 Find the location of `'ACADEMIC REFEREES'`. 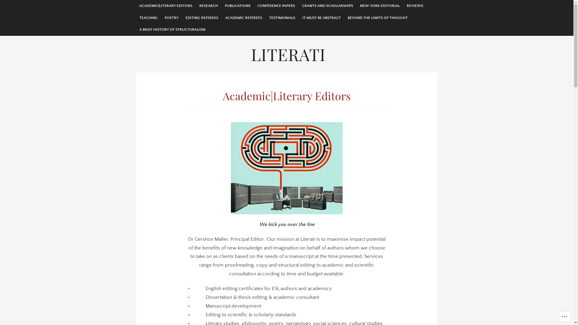

'ACADEMIC REFEREES' is located at coordinates (244, 18).